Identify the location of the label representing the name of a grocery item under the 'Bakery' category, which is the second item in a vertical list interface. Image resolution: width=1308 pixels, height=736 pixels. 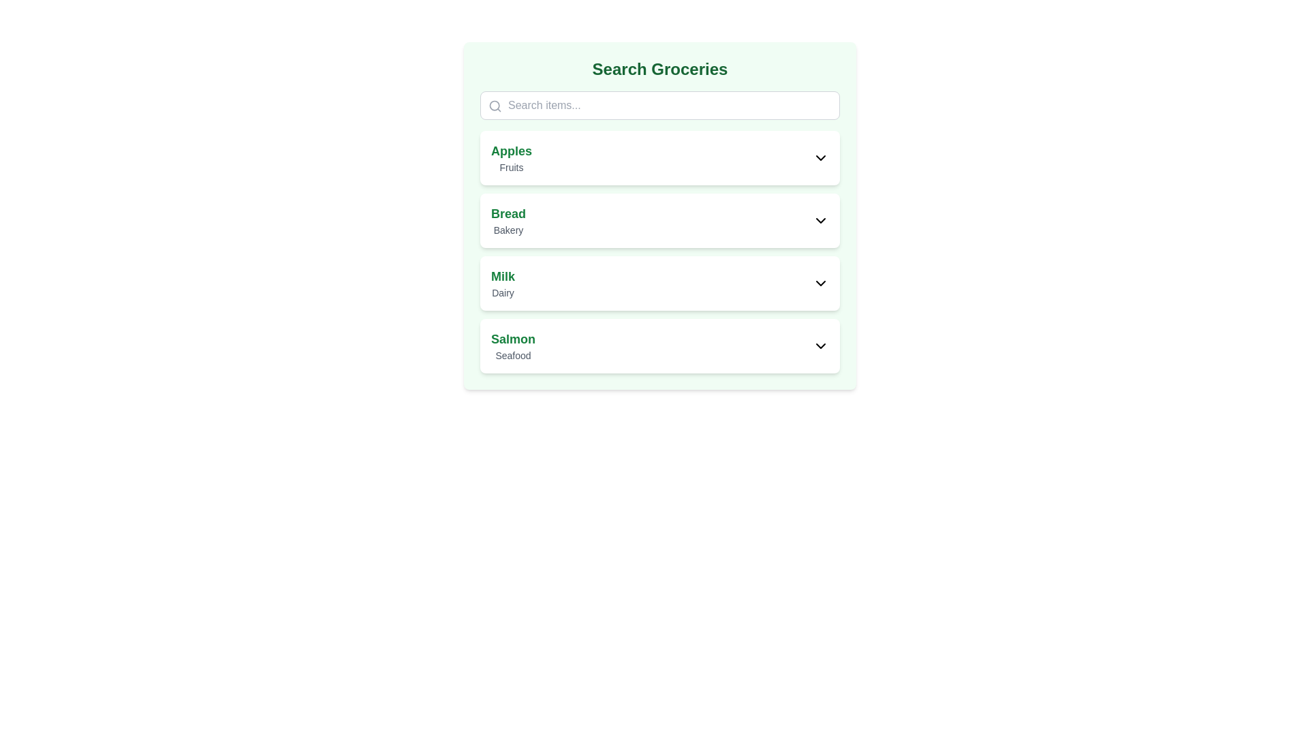
(508, 213).